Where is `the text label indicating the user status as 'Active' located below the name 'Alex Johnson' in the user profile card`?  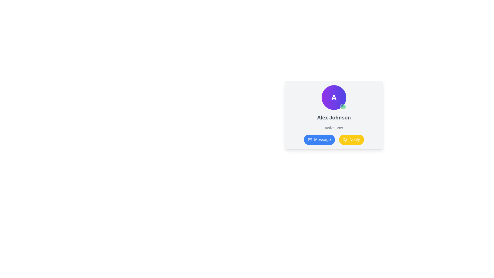 the text label indicating the user status as 'Active' located below the name 'Alex Johnson' in the user profile card is located at coordinates (334, 128).